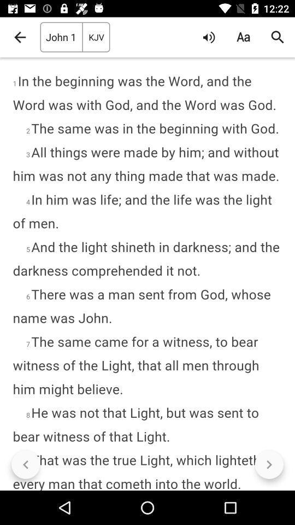 The image size is (295, 525). What do you see at coordinates (61, 37) in the screenshot?
I see `john 1 icon` at bounding box center [61, 37].